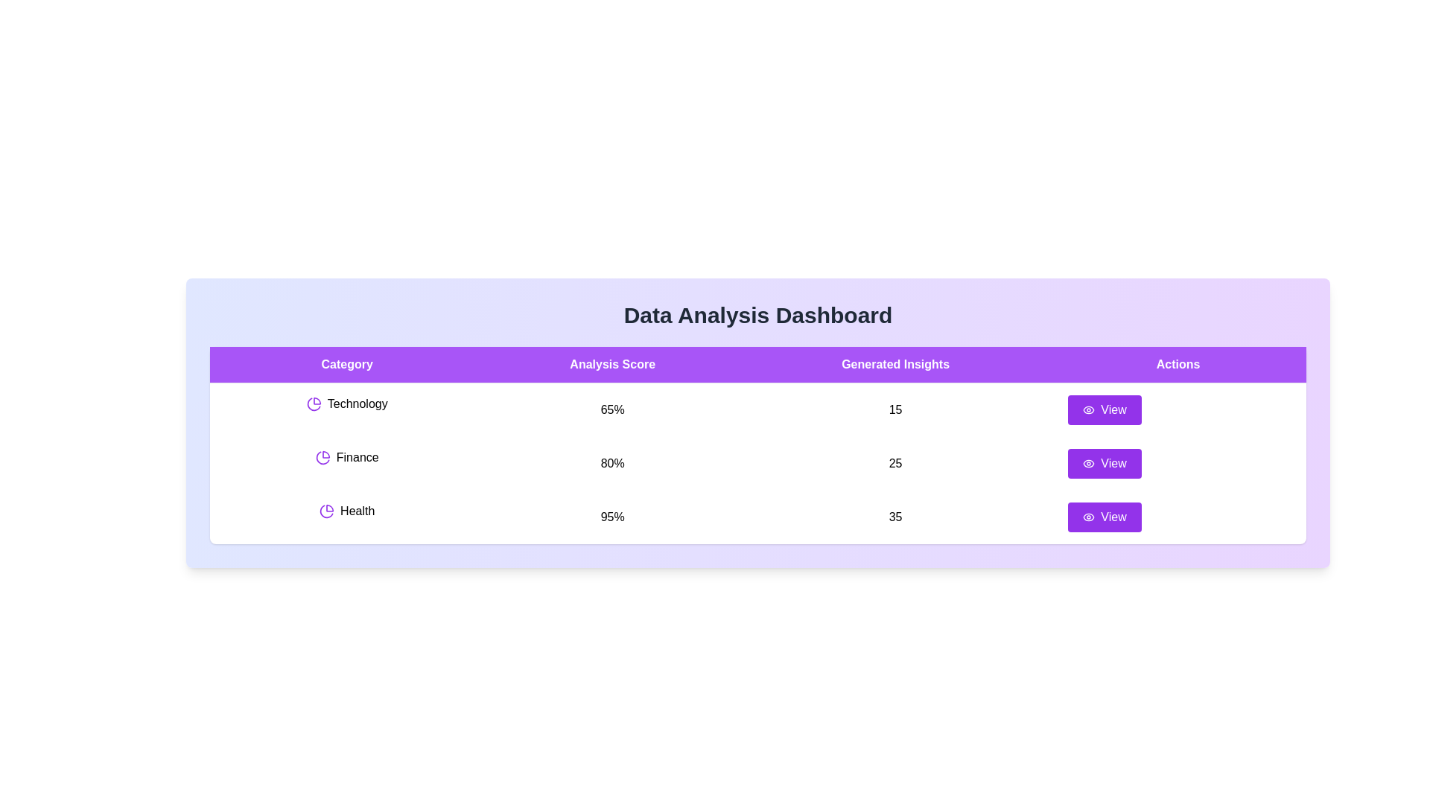 The image size is (1430, 804). I want to click on the text element labeled Technology, so click(346, 404).